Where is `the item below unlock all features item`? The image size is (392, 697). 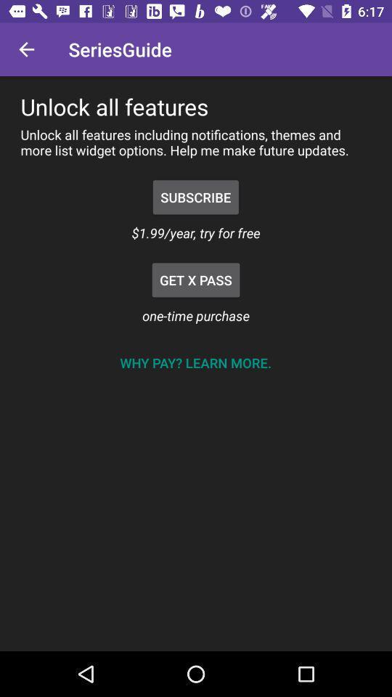 the item below unlock all features item is located at coordinates (195, 196).